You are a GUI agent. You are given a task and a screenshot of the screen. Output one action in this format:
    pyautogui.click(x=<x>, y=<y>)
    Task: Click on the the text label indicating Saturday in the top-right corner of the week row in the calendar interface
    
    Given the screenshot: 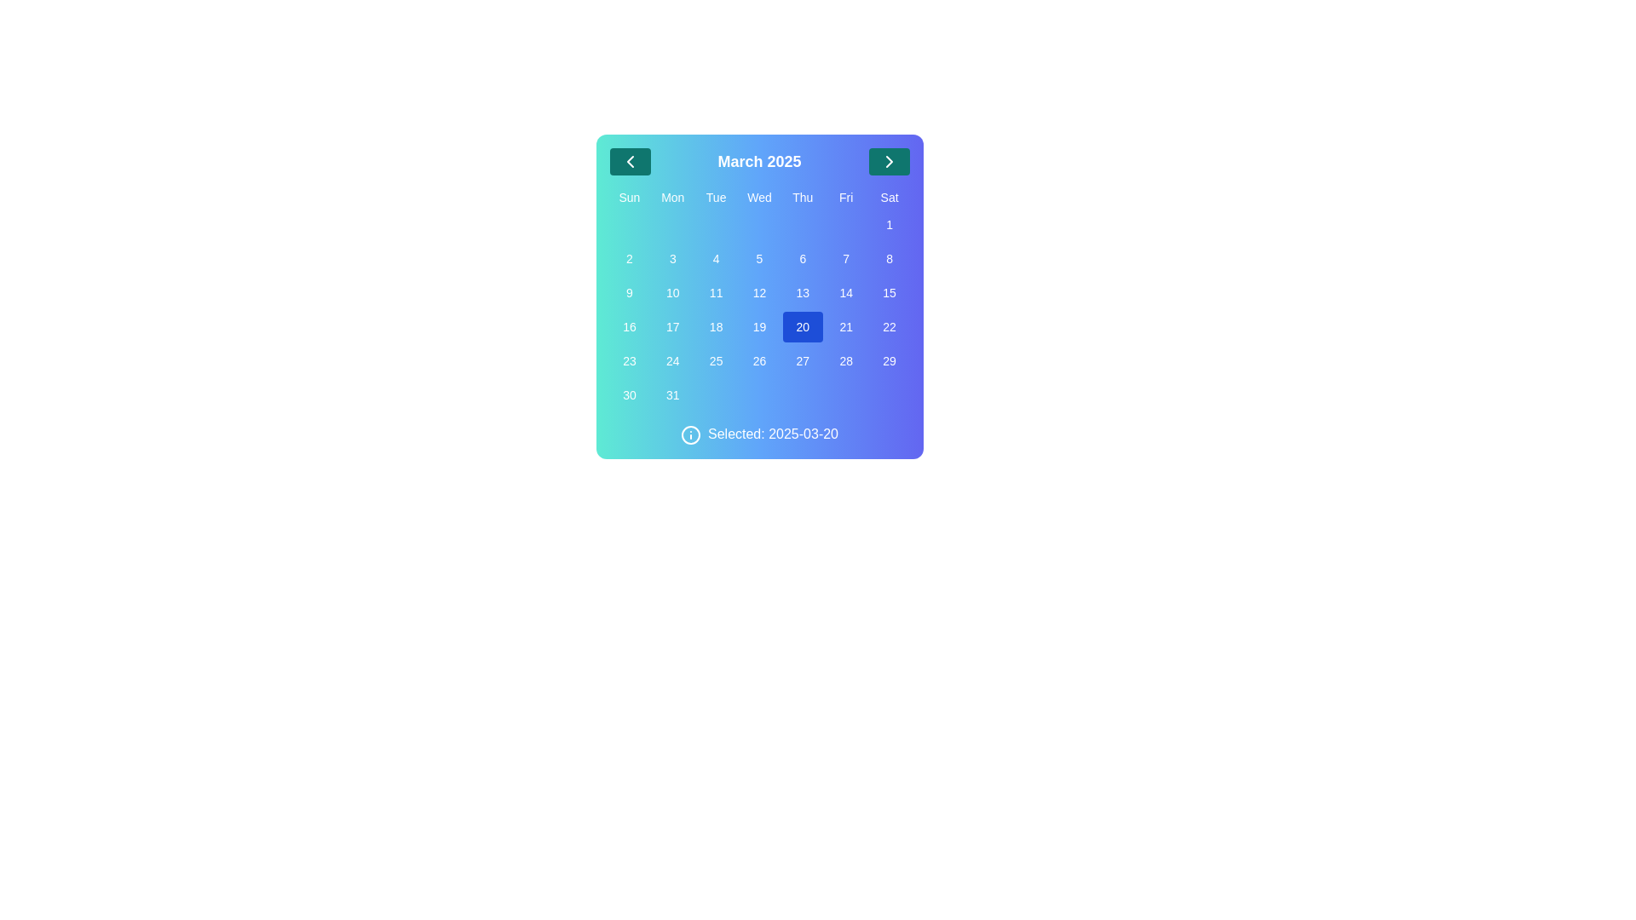 What is the action you would take?
    pyautogui.click(x=889, y=196)
    